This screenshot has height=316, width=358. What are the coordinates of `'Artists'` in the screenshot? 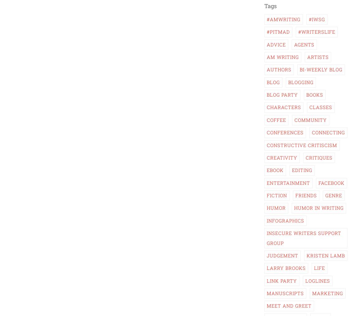 It's located at (318, 56).